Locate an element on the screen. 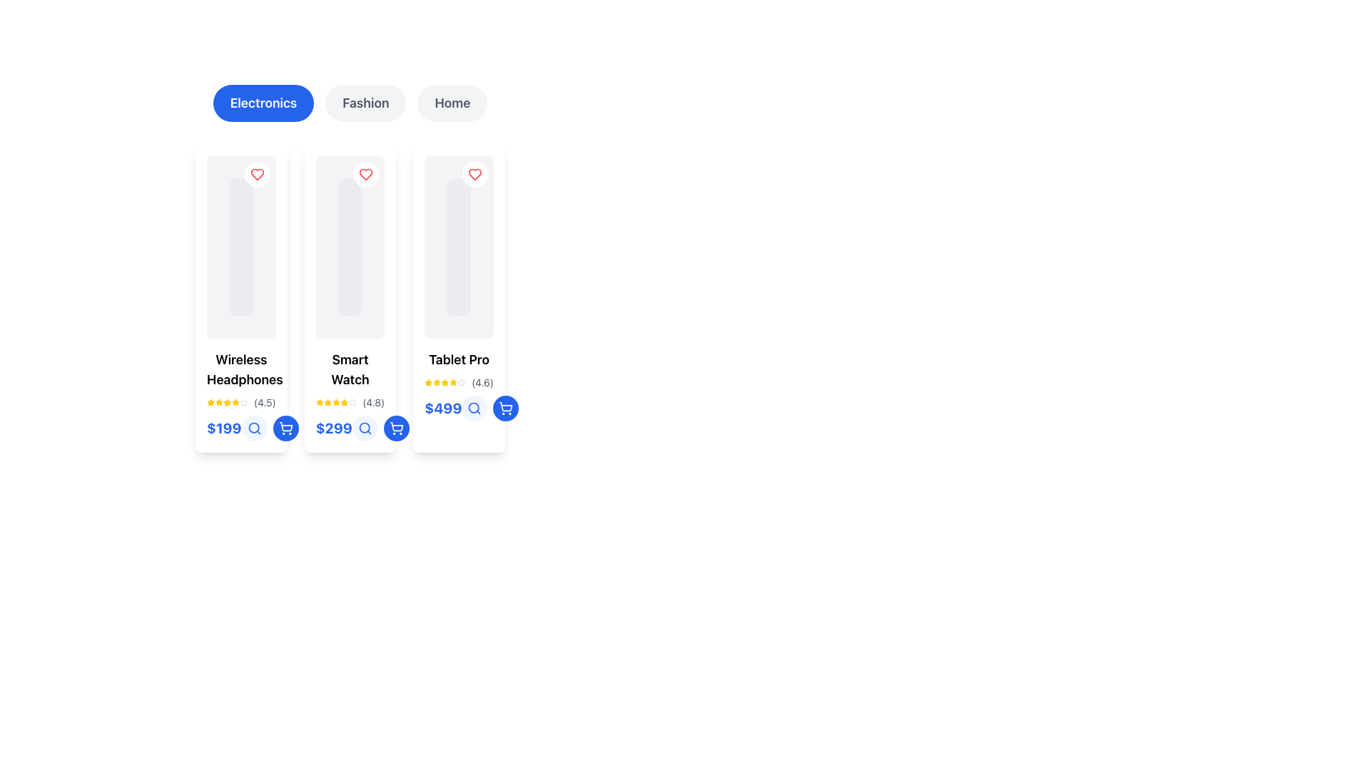 The image size is (1370, 770). the first star icon for ratings, which is a five-pointed star with a yellow fill and outline, located below the 'Wireless Headphones' product in the first card of the product listing is located at coordinates (210, 402).